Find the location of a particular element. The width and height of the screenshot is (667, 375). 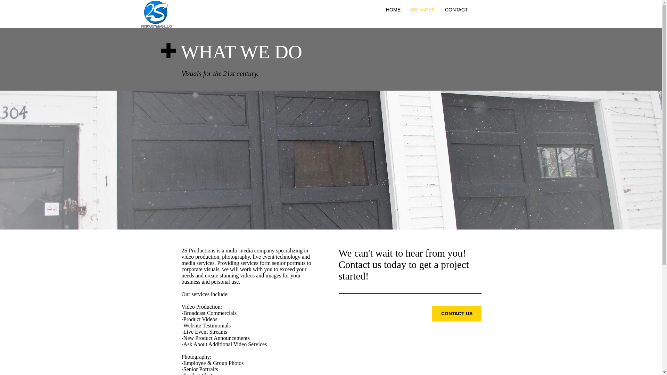

'HOME' is located at coordinates (393, 9).